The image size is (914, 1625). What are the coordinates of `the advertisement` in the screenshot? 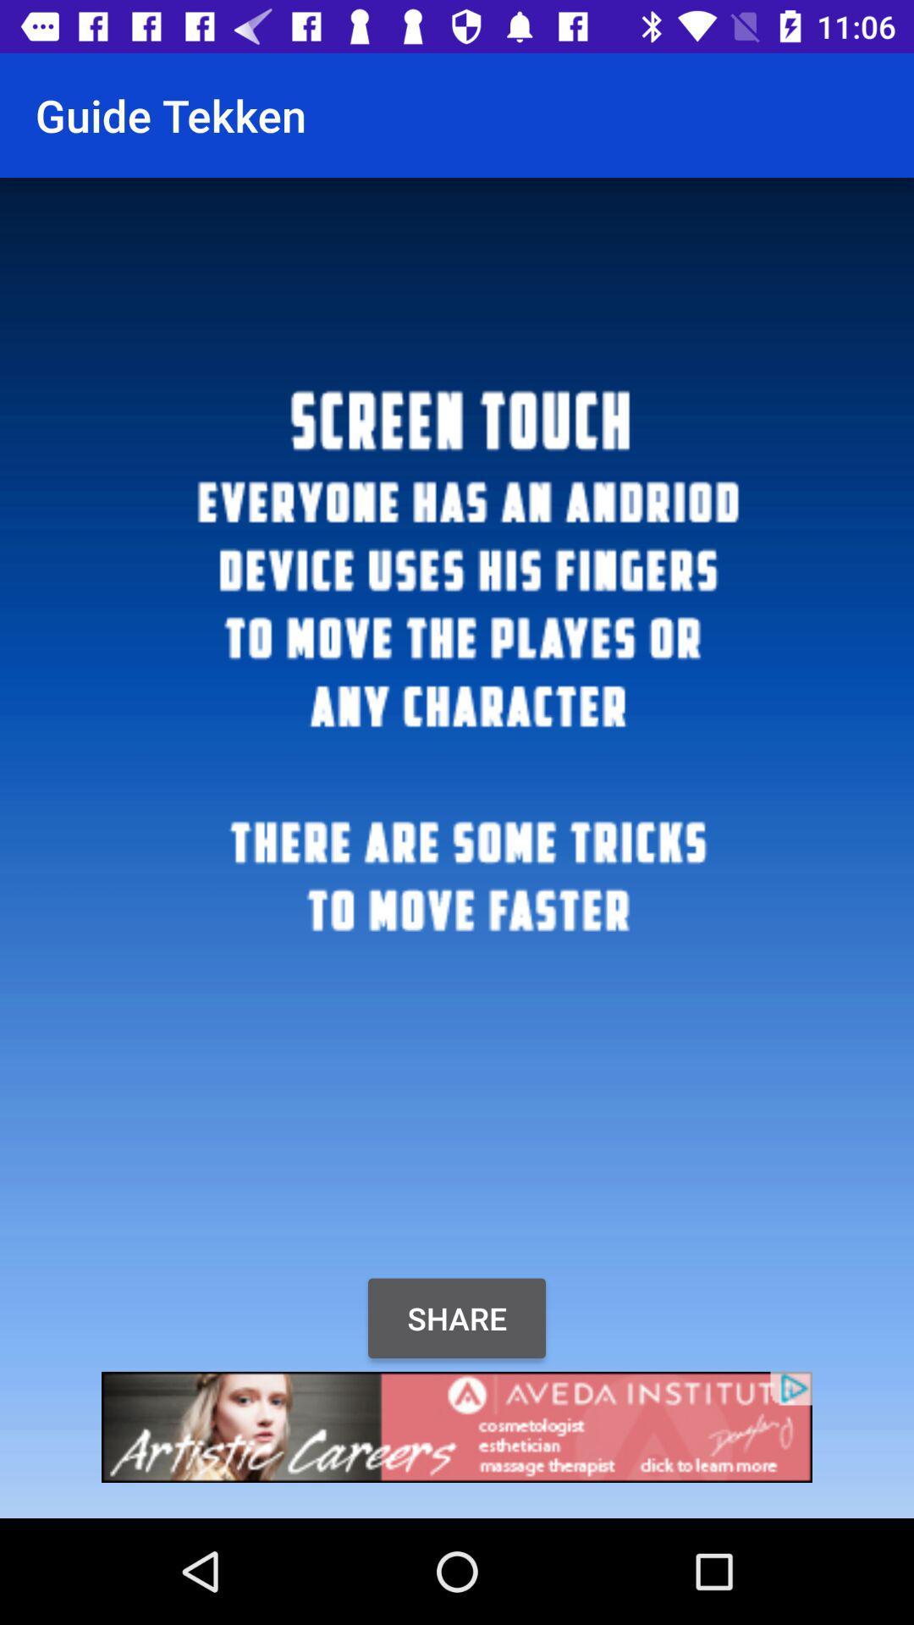 It's located at (457, 1426).